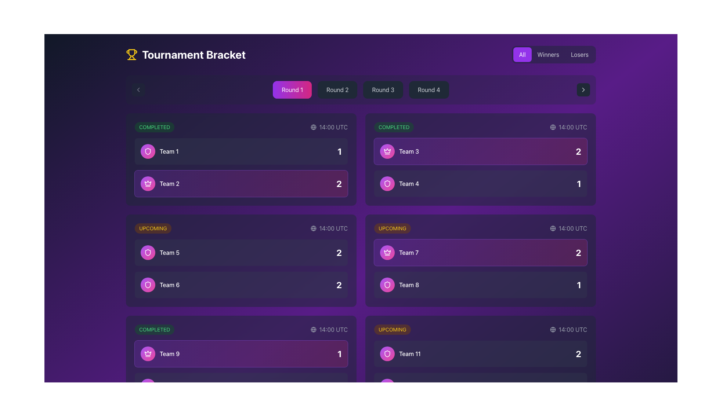 The width and height of the screenshot is (705, 396). What do you see at coordinates (387, 284) in the screenshot?
I see `the decorative icon associated with Team 8 in the second upcoming match section, located near the top left of the circular gradient background` at bounding box center [387, 284].